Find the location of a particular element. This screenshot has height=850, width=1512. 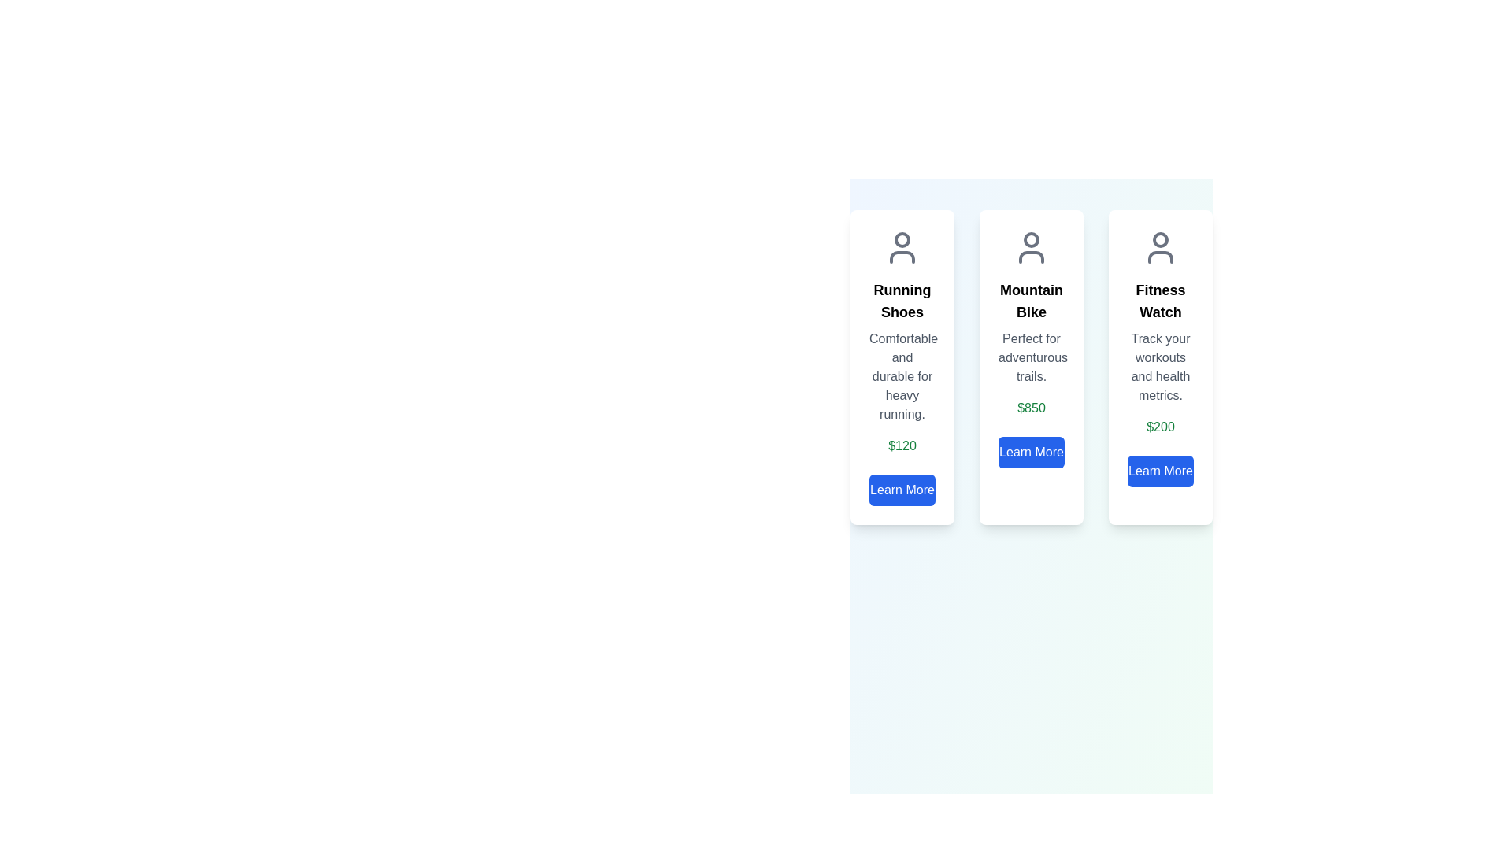

bold, centered text label displaying 'Mountain Bike' located in the middle card of a three-card layout, positioned below an icon and above the description text 'Perfect for adventurous trails.' is located at coordinates (1032, 301).